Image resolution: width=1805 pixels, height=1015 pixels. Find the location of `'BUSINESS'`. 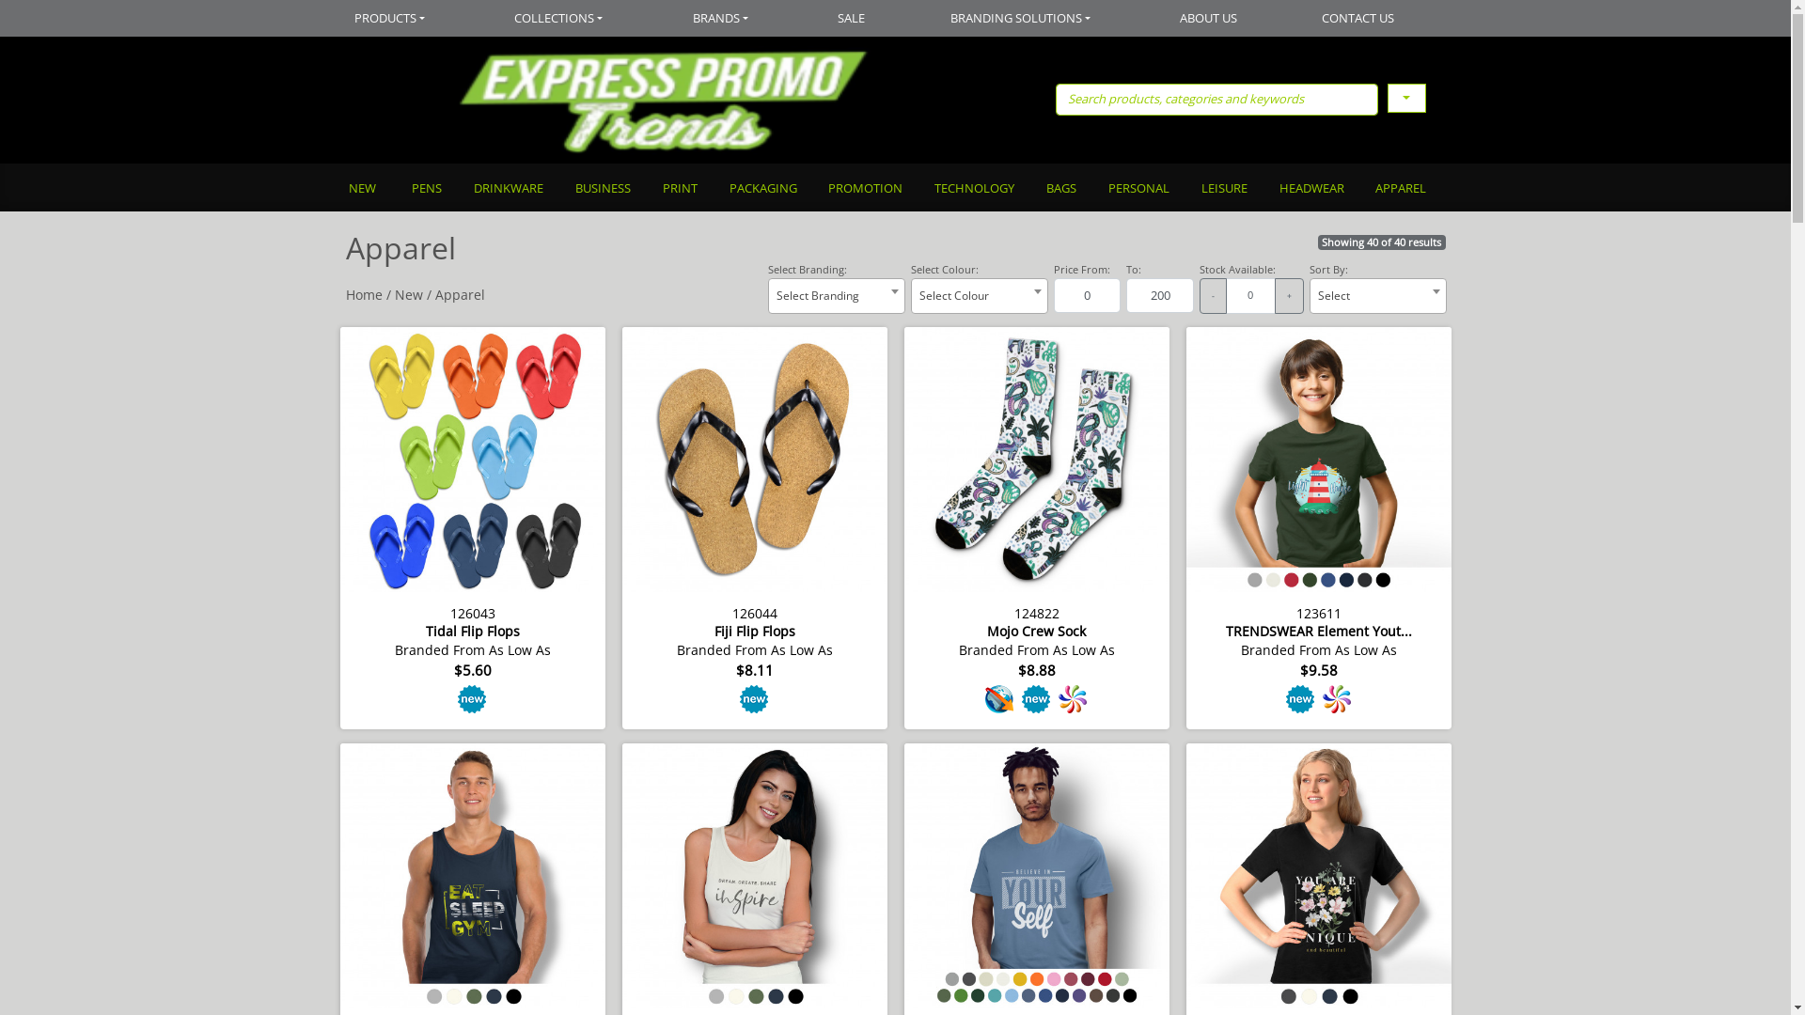

'BUSINESS' is located at coordinates (602, 189).